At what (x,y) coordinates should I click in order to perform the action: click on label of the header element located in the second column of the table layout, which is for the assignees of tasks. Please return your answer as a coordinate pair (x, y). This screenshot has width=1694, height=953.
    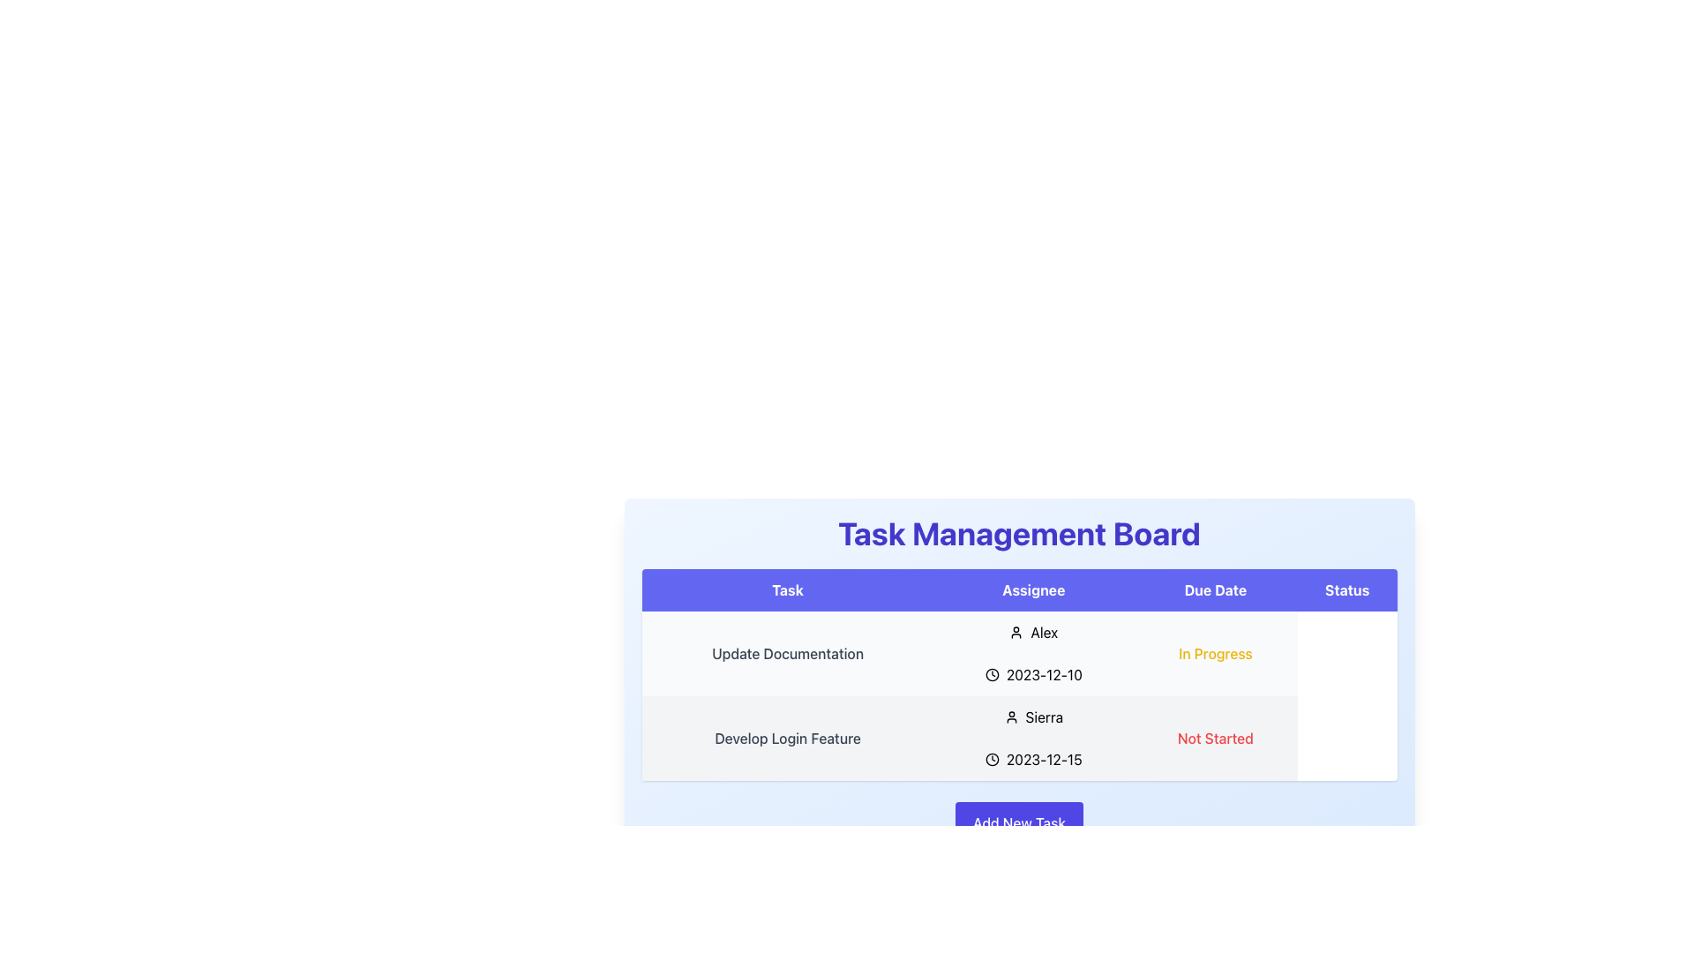
    Looking at the image, I should click on (1033, 589).